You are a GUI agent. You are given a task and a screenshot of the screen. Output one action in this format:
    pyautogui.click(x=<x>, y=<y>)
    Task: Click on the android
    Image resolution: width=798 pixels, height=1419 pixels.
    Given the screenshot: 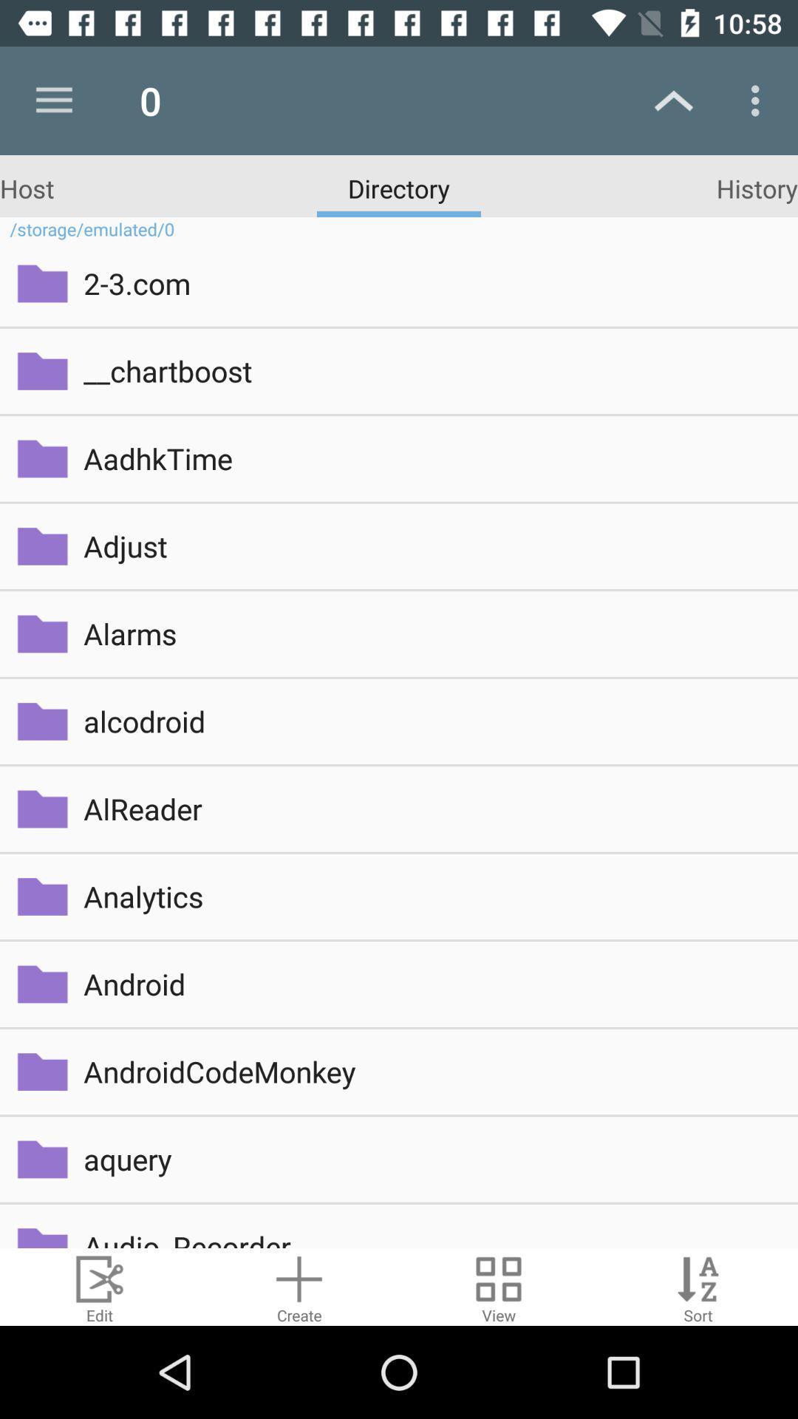 What is the action you would take?
    pyautogui.click(x=430, y=984)
    